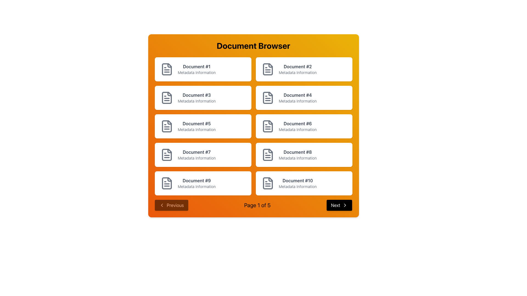 This screenshot has width=527, height=296. Describe the element at coordinates (268, 183) in the screenshot. I see `the document icon located in the card labeled 'Document #10', which is positioned on the rightmost side of the bottom row, to visually identify the type of content associated with the card` at that location.